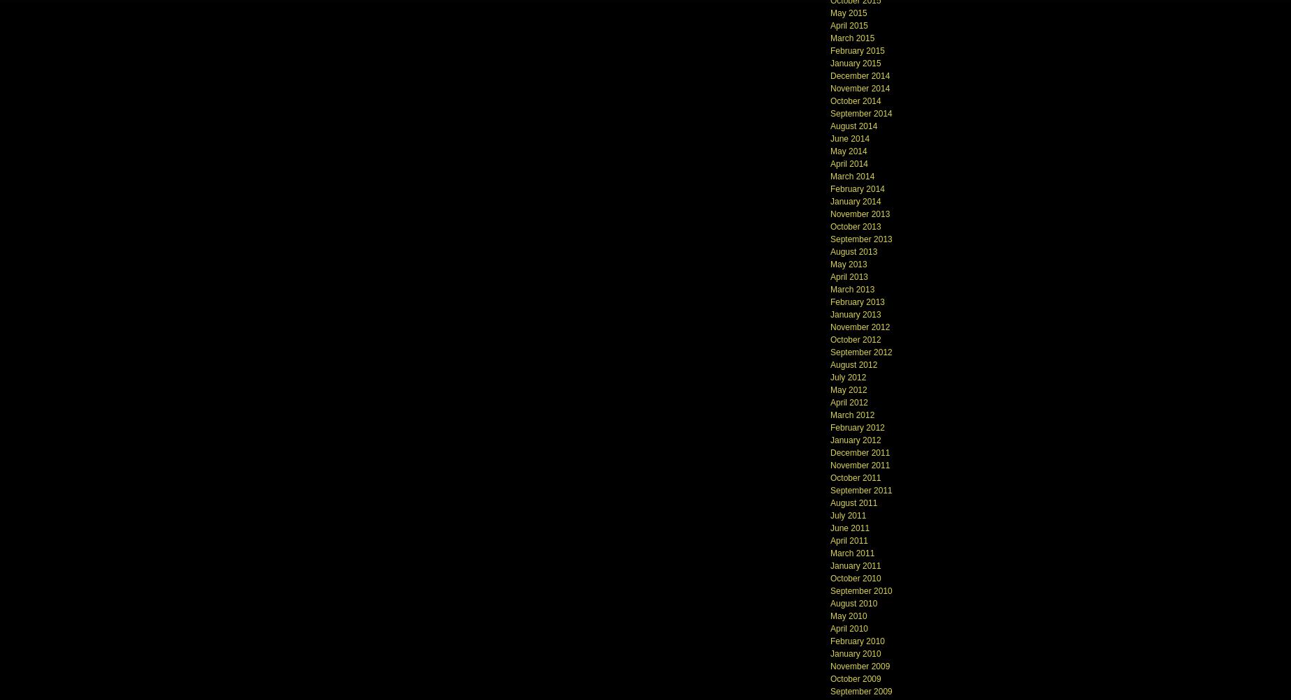  What do you see at coordinates (848, 616) in the screenshot?
I see `'May 2010'` at bounding box center [848, 616].